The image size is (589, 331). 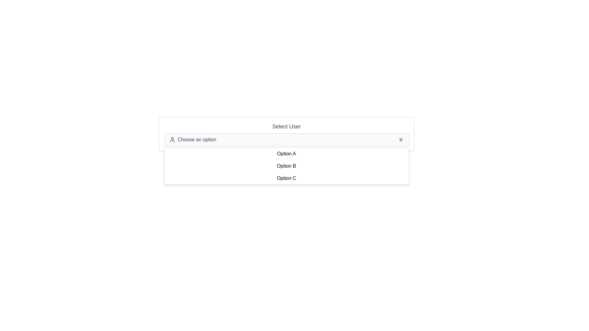 What do you see at coordinates (286, 139) in the screenshot?
I see `the dropdown menu labeled 'Choose an option'` at bounding box center [286, 139].